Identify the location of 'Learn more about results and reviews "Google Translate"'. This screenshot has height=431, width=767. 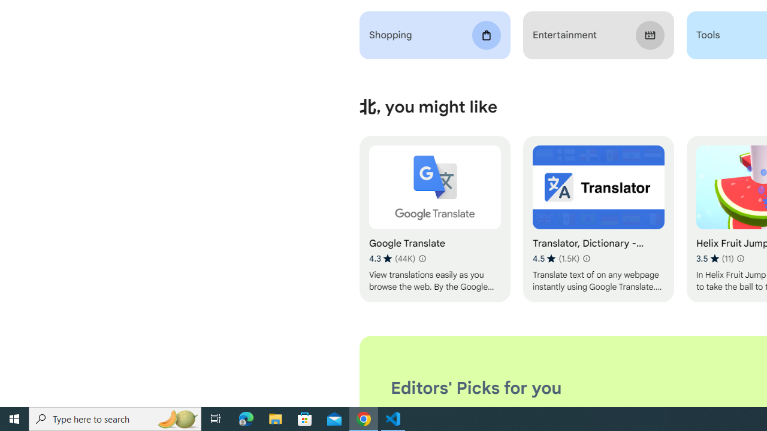
(422, 258).